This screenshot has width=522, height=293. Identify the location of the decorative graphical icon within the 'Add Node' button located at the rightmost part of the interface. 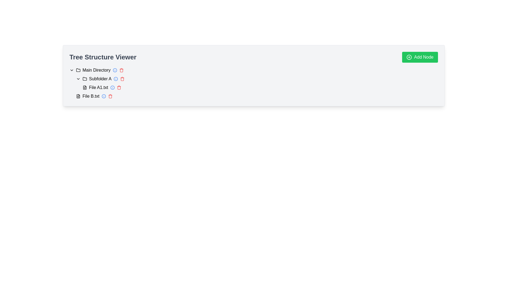
(409, 57).